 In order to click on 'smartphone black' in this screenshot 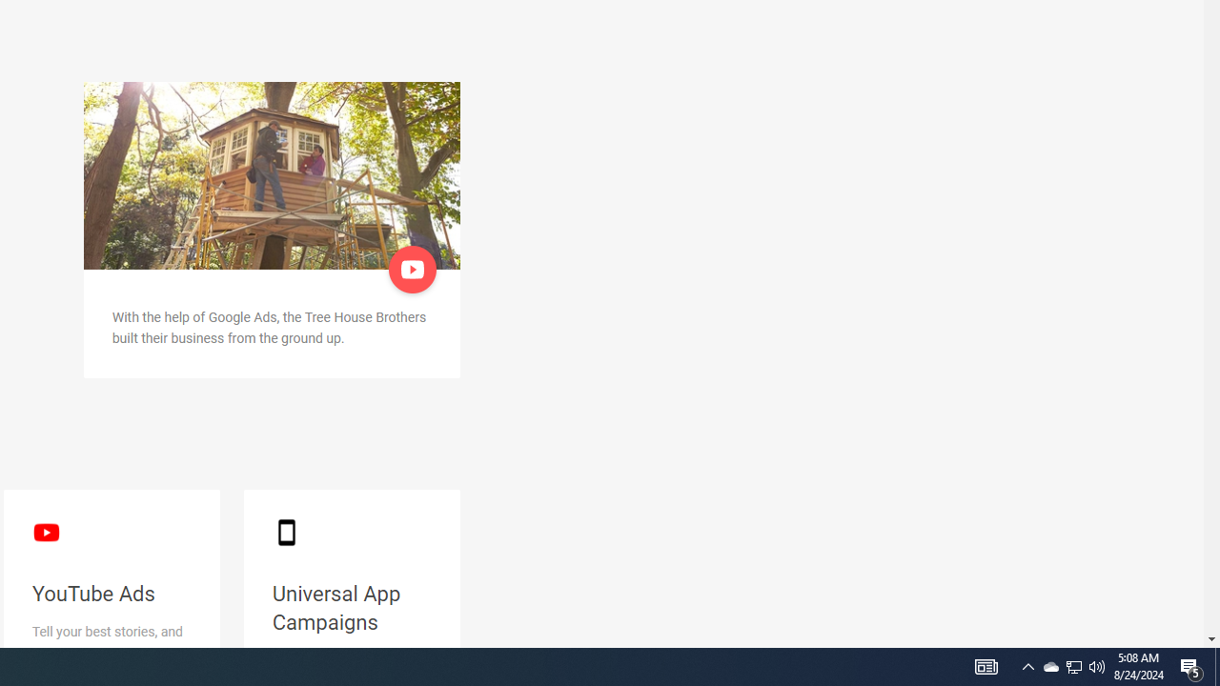, I will do `click(285, 533)`.